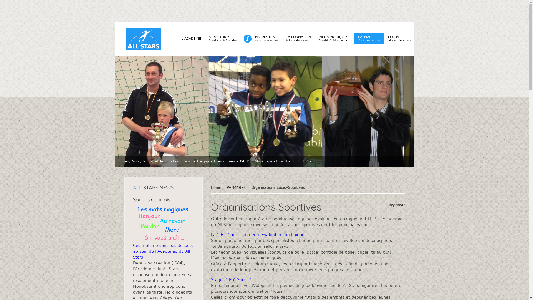 Image resolution: width=533 pixels, height=300 pixels. What do you see at coordinates (223, 38) in the screenshot?
I see `'STRUCTURES` at bounding box center [223, 38].